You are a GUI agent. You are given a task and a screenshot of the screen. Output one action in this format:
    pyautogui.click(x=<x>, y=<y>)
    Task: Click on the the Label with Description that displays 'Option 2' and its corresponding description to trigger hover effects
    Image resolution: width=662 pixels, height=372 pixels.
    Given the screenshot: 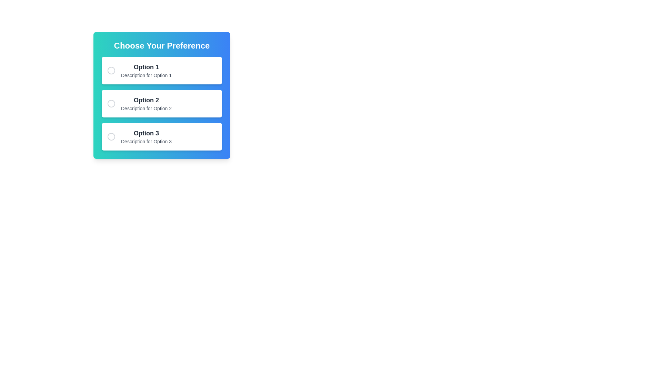 What is the action you would take?
    pyautogui.click(x=146, y=103)
    